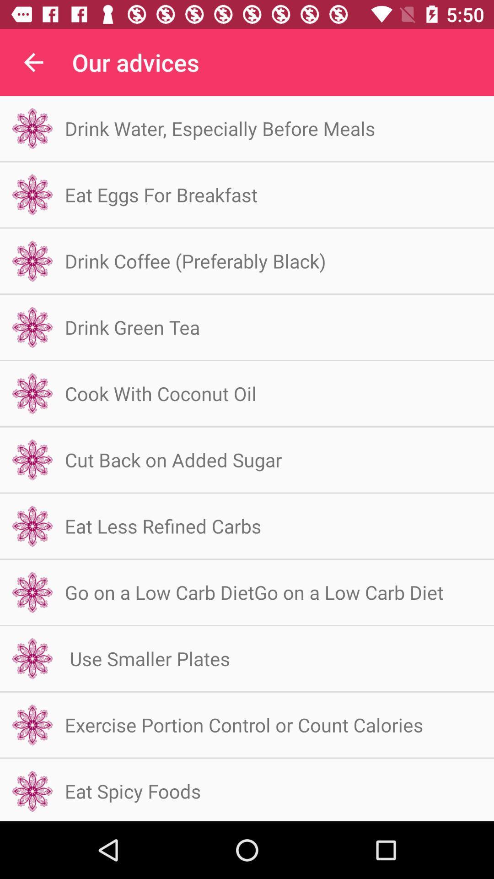 The image size is (494, 879). What do you see at coordinates (161, 194) in the screenshot?
I see `the eat eggs for icon` at bounding box center [161, 194].